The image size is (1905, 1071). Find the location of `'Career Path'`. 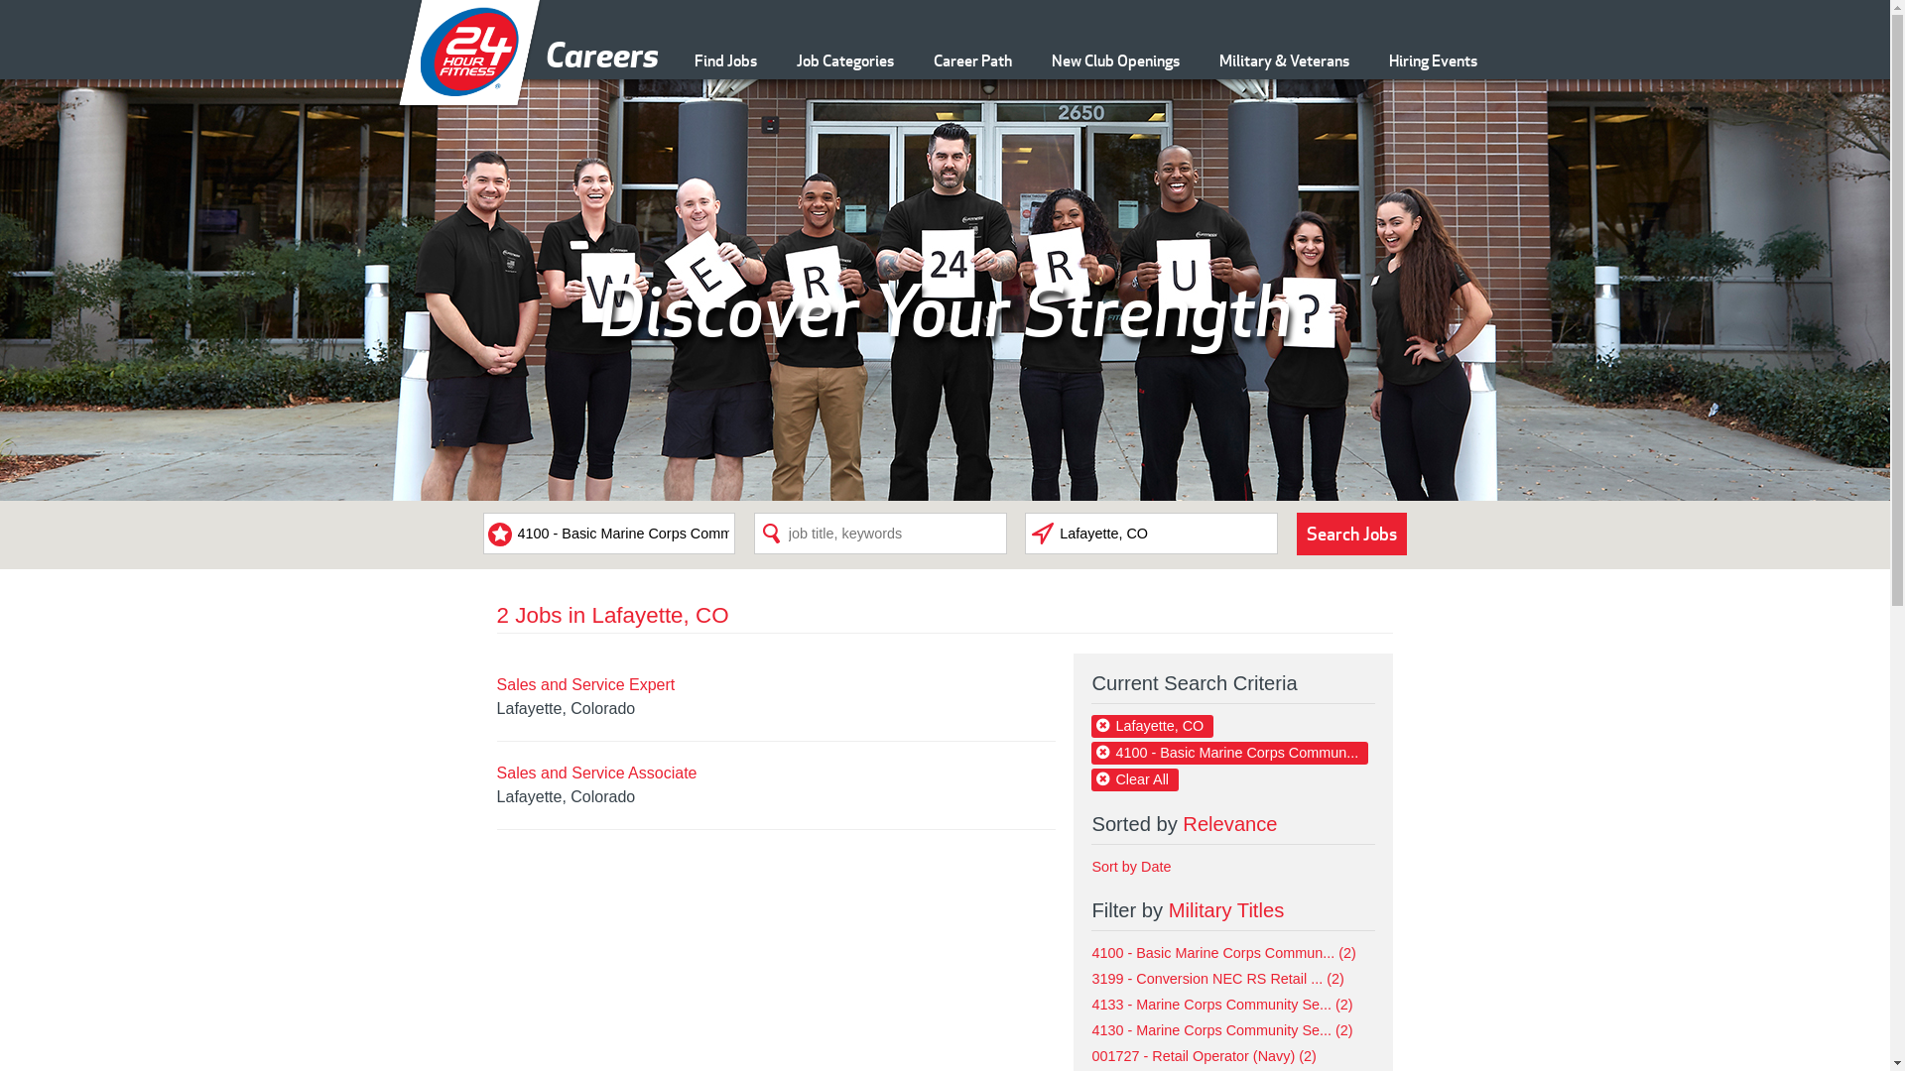

'Career Path' is located at coordinates (971, 56).